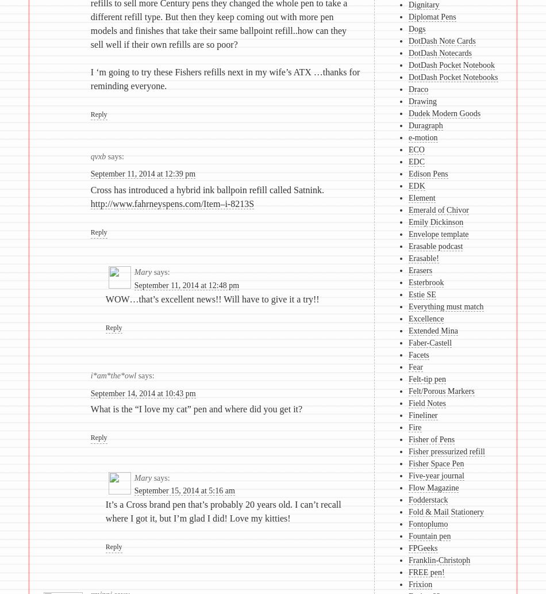 The image size is (546, 594). Describe the element at coordinates (408, 559) in the screenshot. I see `'Franklin-Christoph'` at that location.